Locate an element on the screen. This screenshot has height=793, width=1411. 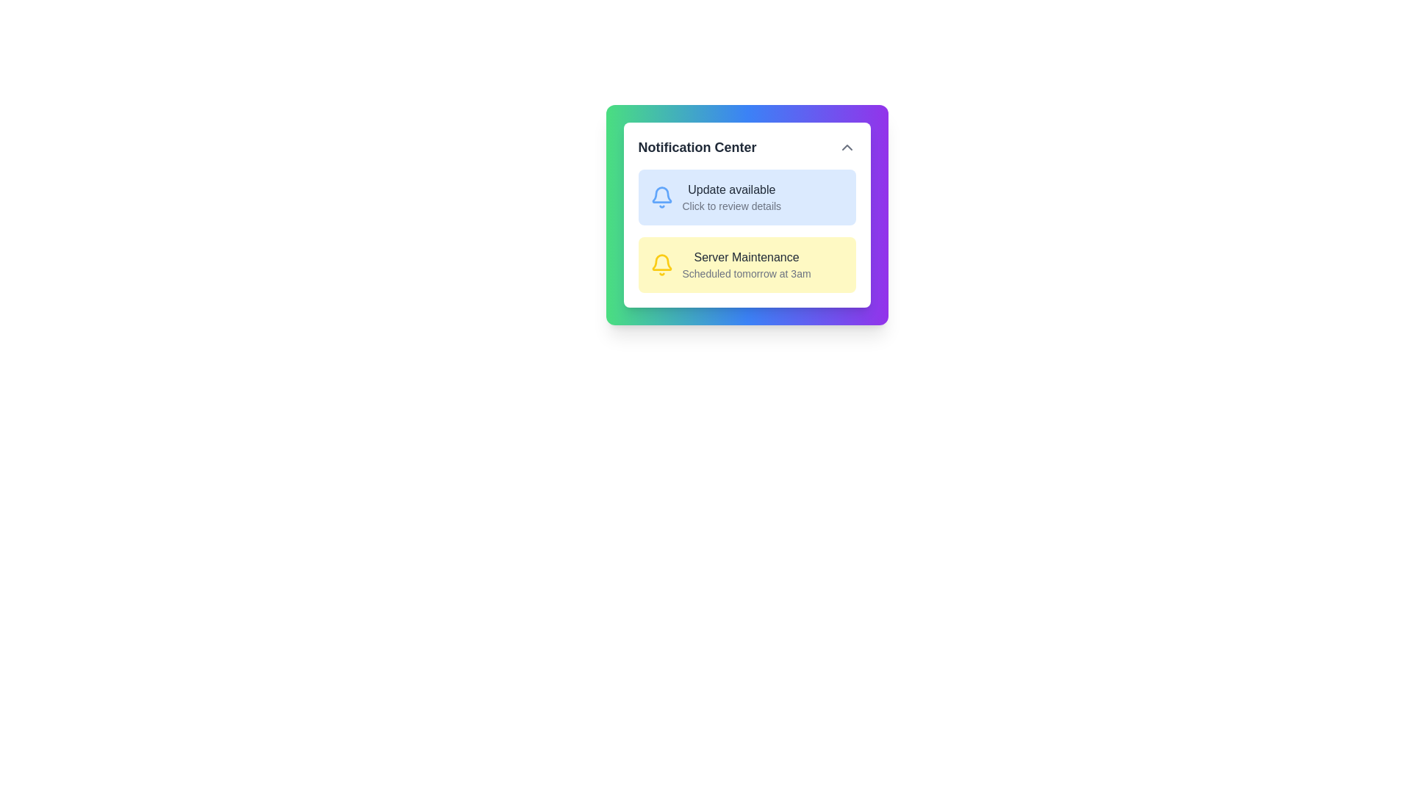
the topmost Notification Item located in the top blue section of the notification popup, positioned to the right of the blue bell icon is located at coordinates (731, 197).